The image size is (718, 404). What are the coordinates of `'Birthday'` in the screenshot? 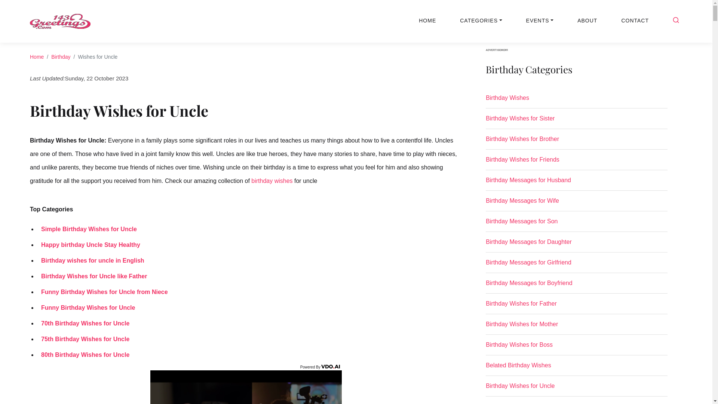 It's located at (51, 56).